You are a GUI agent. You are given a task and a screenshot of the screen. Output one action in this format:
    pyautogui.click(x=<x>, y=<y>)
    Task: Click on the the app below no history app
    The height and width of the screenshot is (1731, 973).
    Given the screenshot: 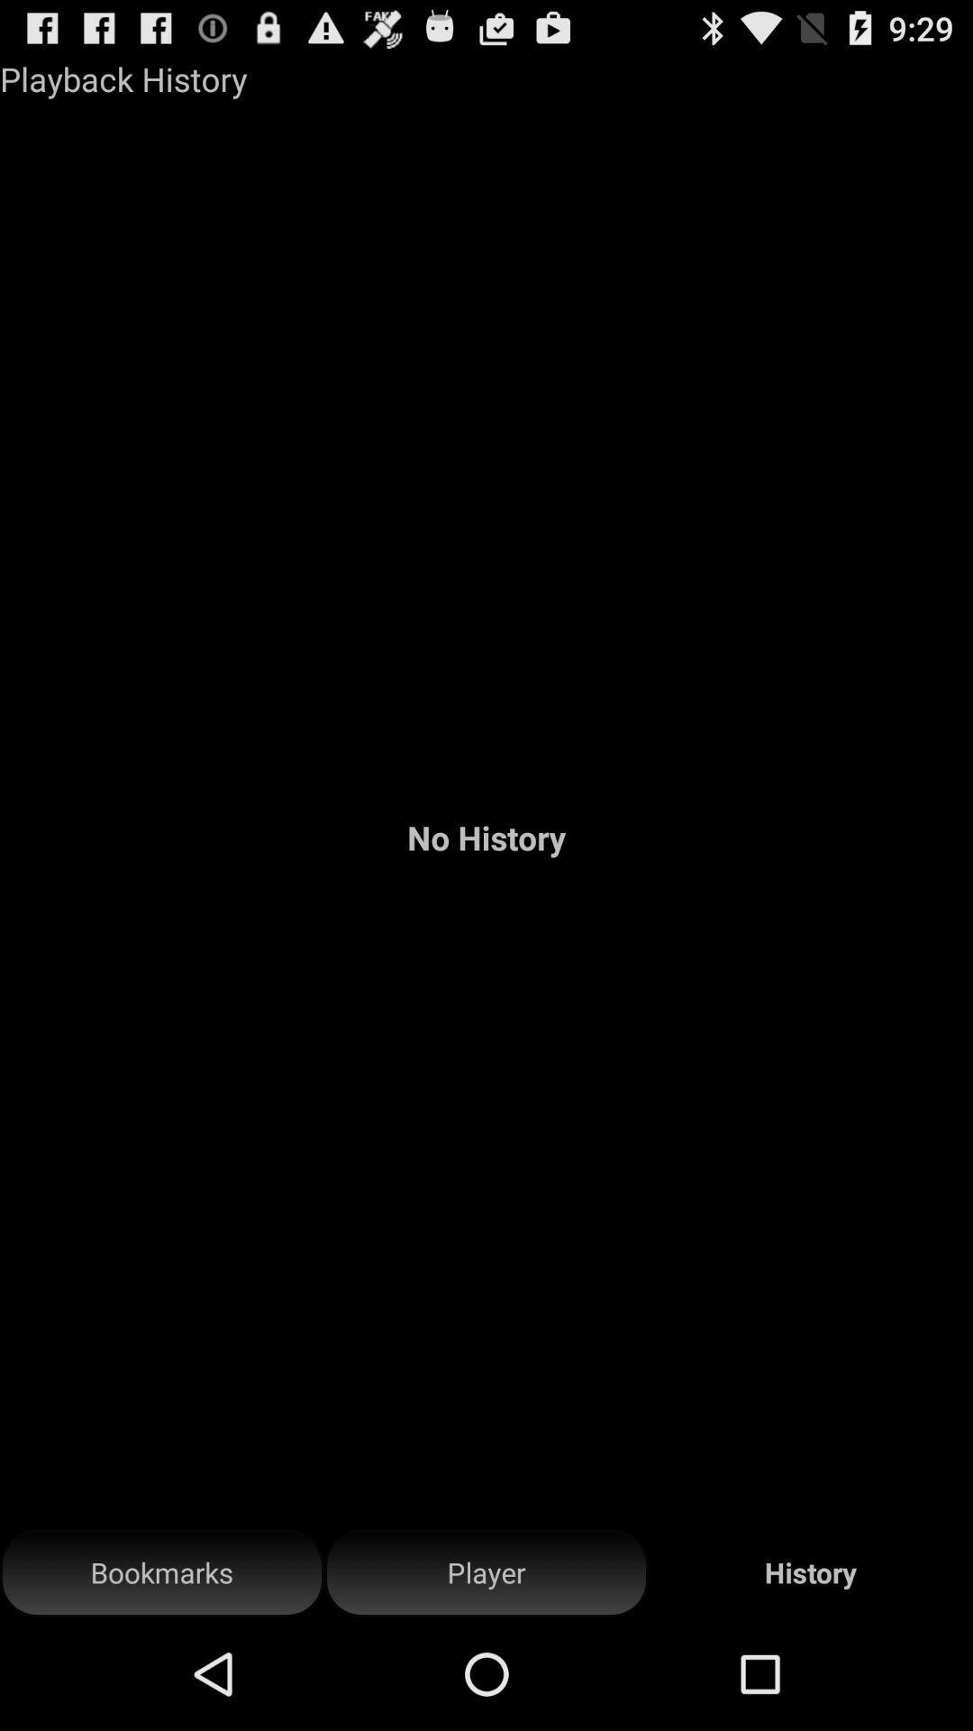 What is the action you would take?
    pyautogui.click(x=486, y=1572)
    